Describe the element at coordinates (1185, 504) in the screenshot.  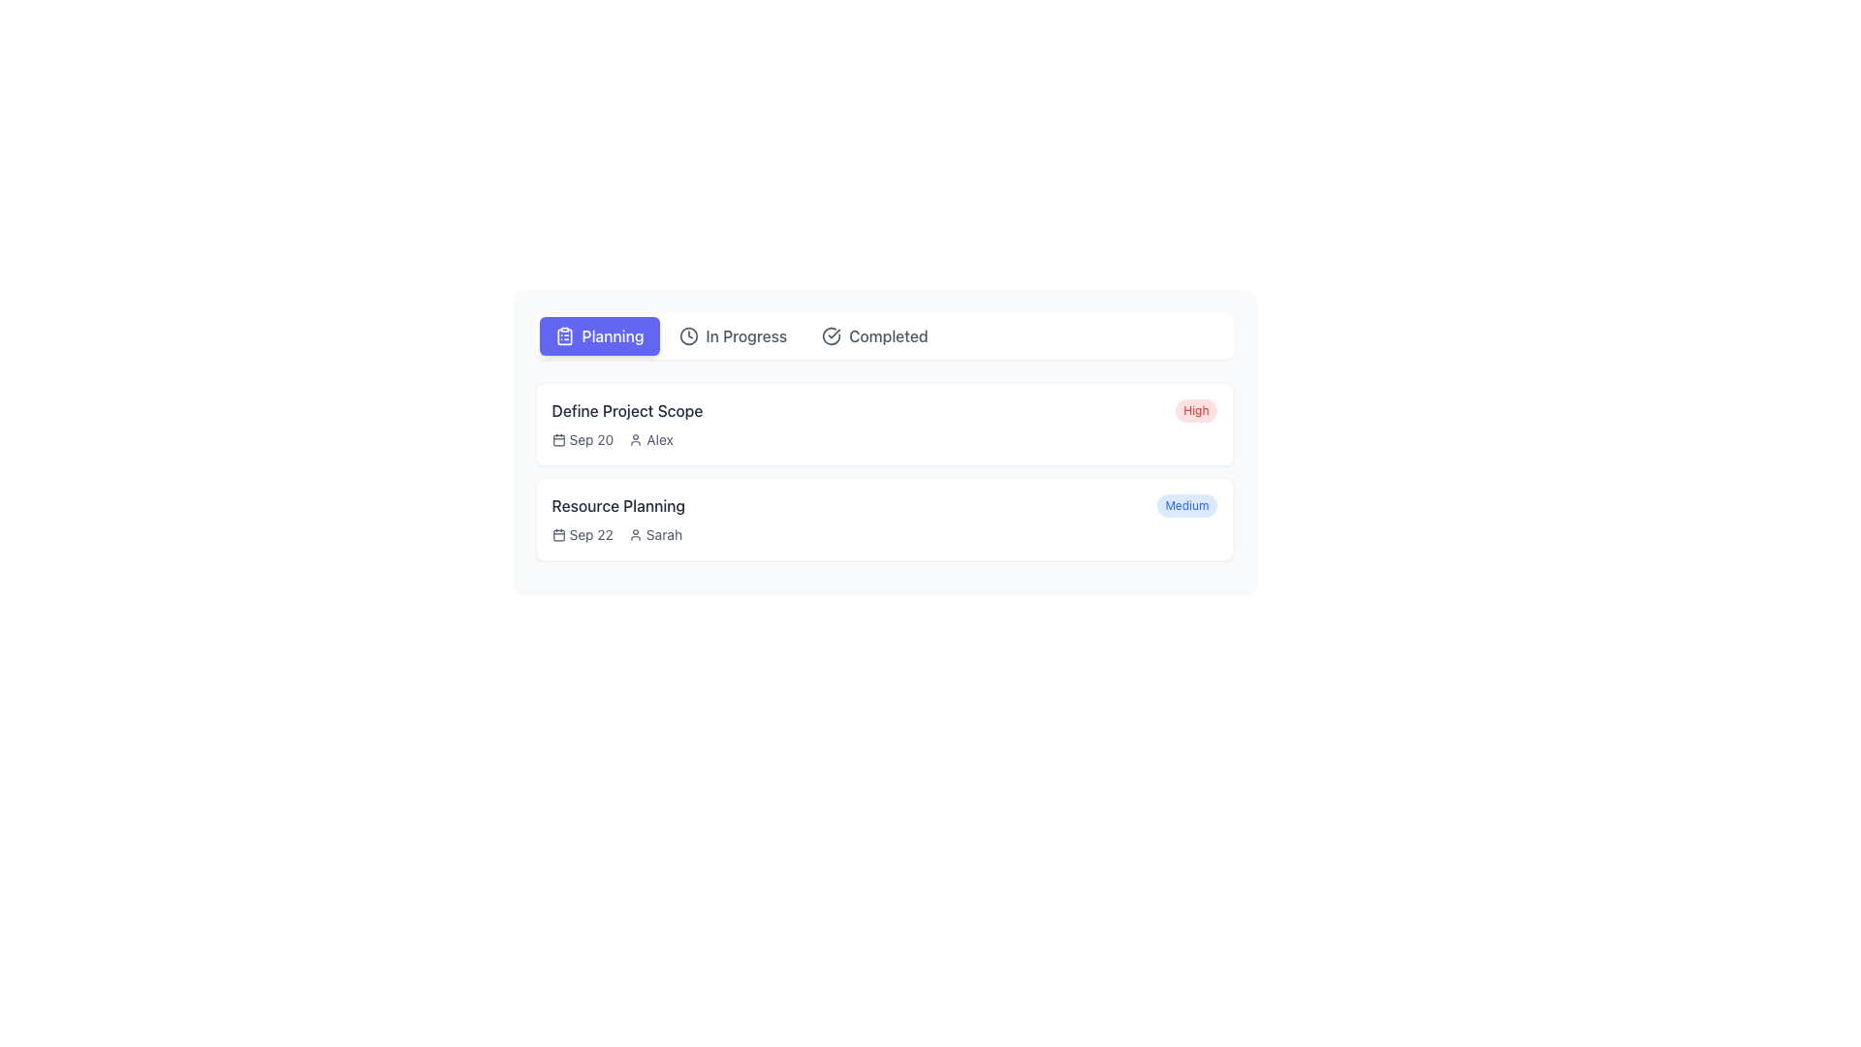
I see `the text of the 'Medium' priority label located to the far right of the 'Resource Planning' entry in the task listing` at that location.